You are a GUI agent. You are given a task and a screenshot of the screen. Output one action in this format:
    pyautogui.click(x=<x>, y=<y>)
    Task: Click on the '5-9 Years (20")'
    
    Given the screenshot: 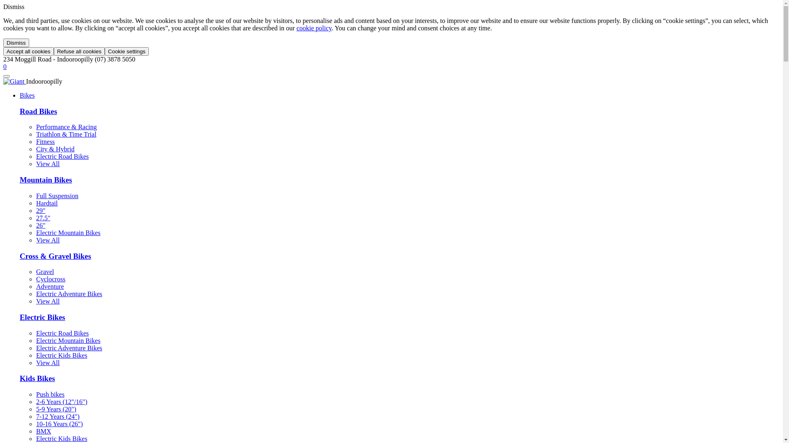 What is the action you would take?
    pyautogui.click(x=56, y=409)
    